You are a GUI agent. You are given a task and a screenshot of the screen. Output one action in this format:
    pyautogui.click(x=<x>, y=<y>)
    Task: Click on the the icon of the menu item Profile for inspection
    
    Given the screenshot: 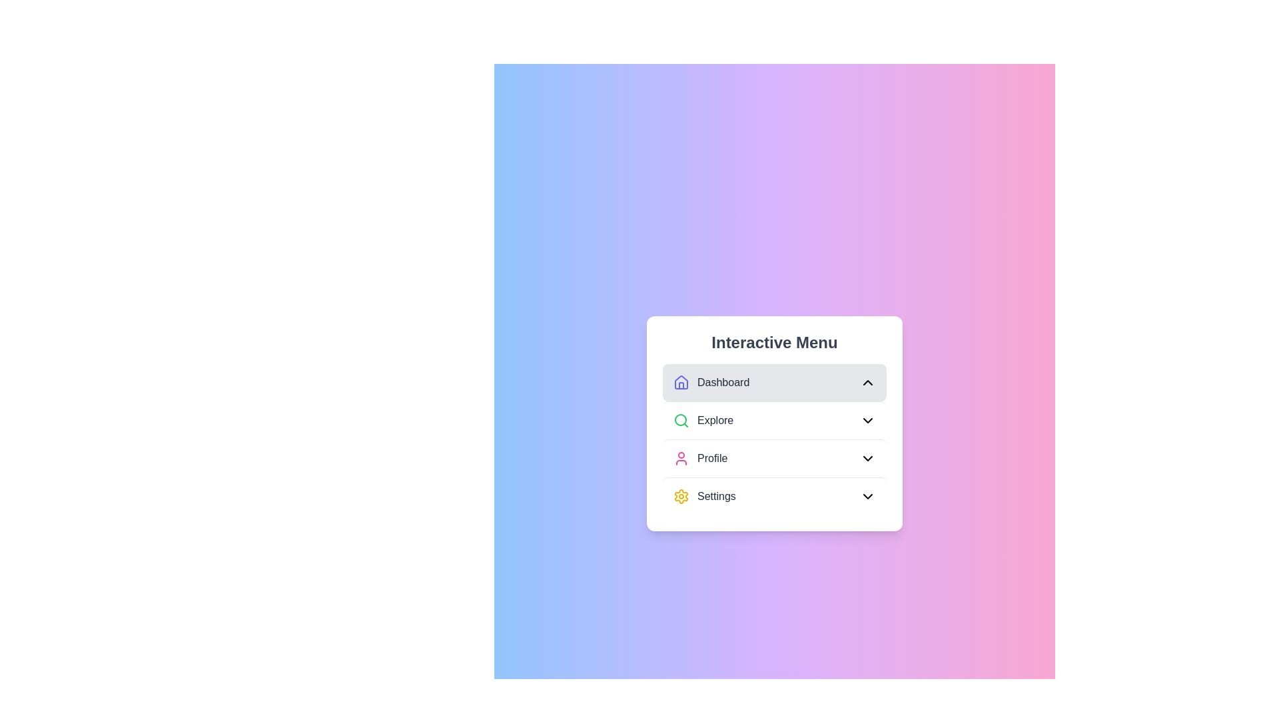 What is the action you would take?
    pyautogui.click(x=681, y=457)
    